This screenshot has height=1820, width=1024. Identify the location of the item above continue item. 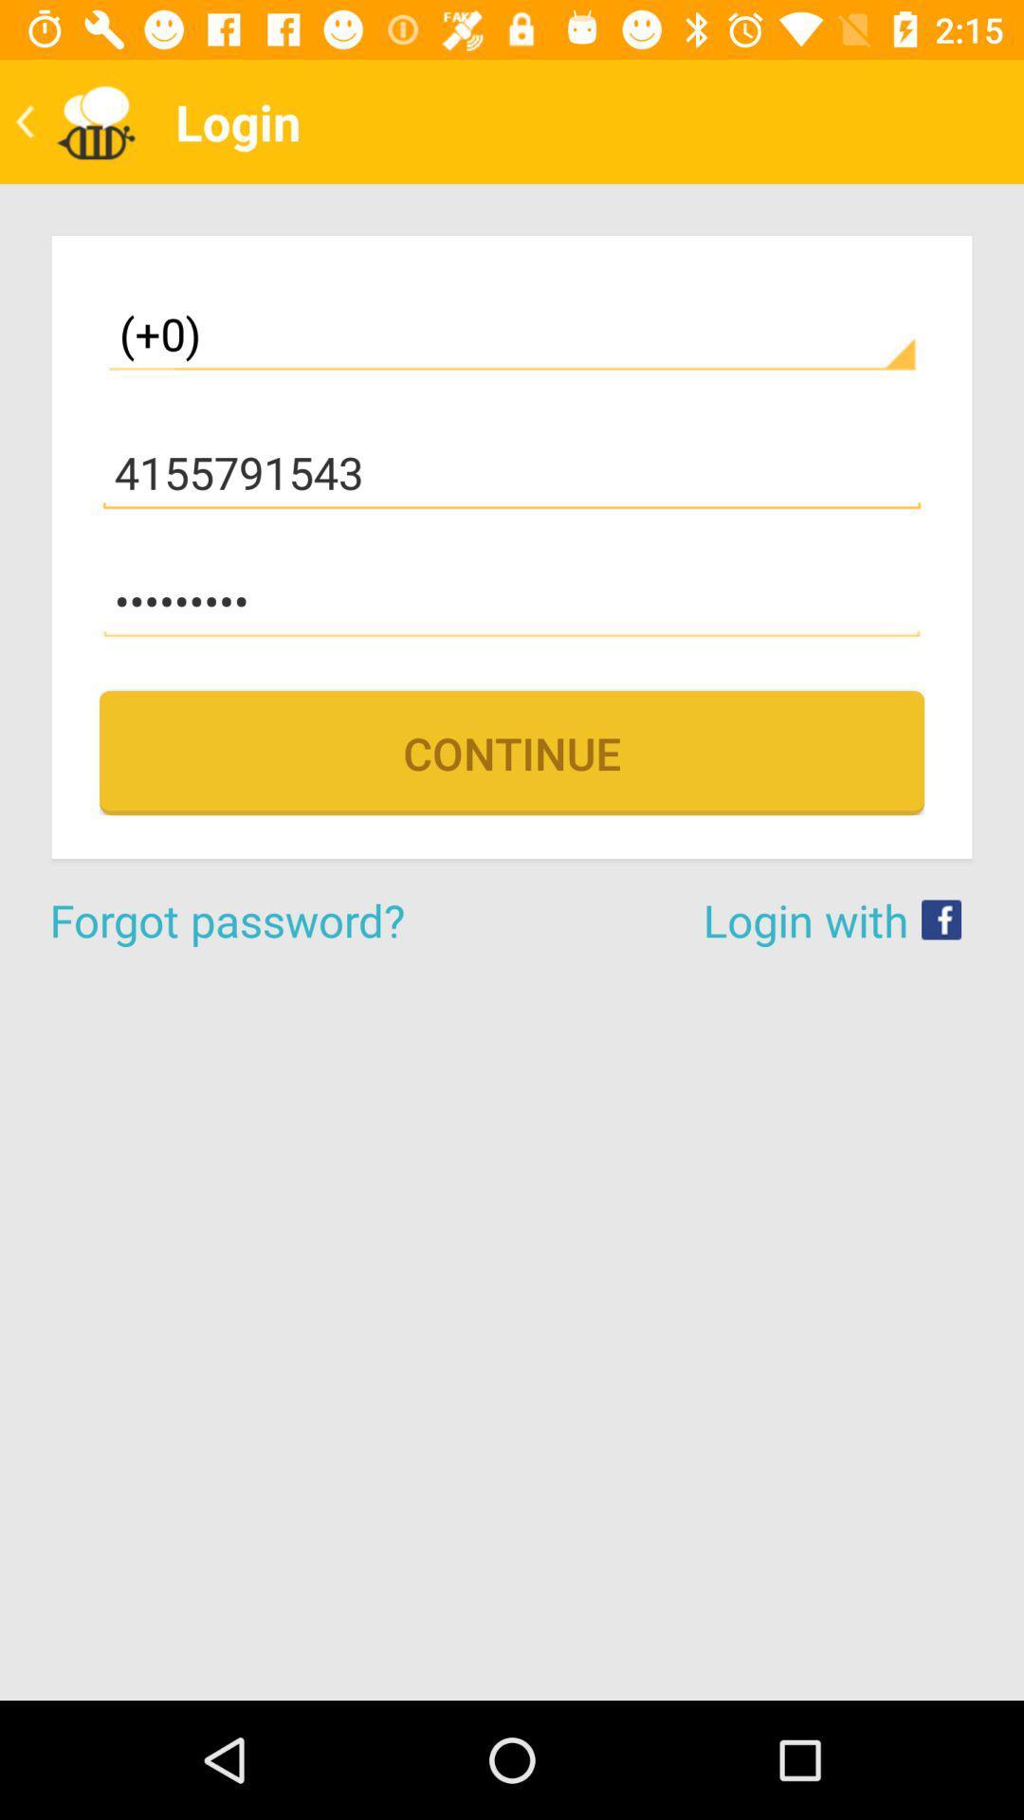
(512, 600).